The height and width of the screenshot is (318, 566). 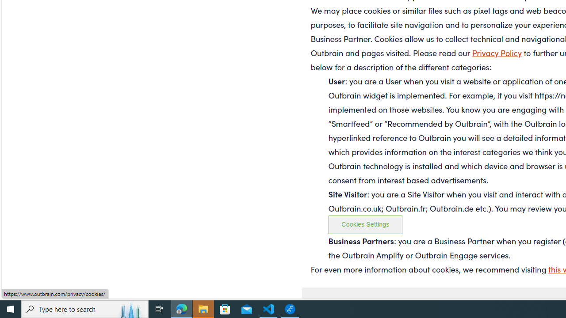 I want to click on 'Privacy Policy', so click(x=497, y=52).